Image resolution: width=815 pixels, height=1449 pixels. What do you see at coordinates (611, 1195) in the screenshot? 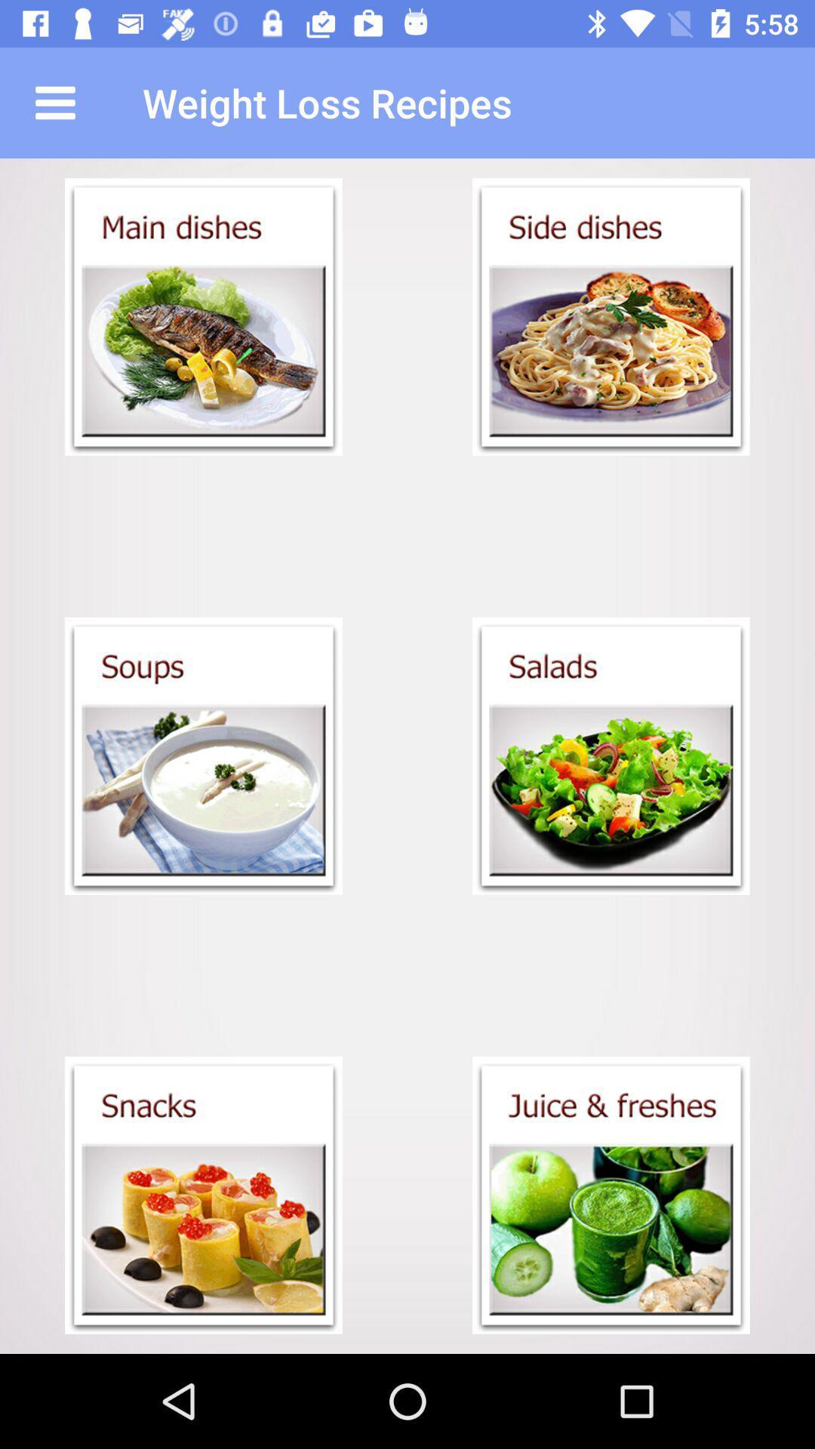
I see `juice freshes recipes` at bounding box center [611, 1195].